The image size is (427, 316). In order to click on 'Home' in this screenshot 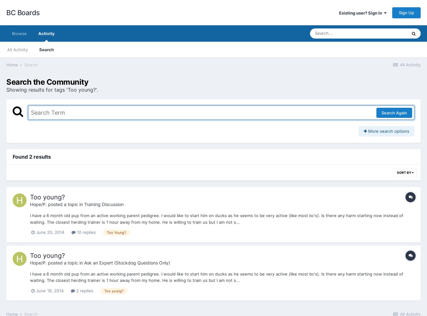, I will do `click(6, 64)`.